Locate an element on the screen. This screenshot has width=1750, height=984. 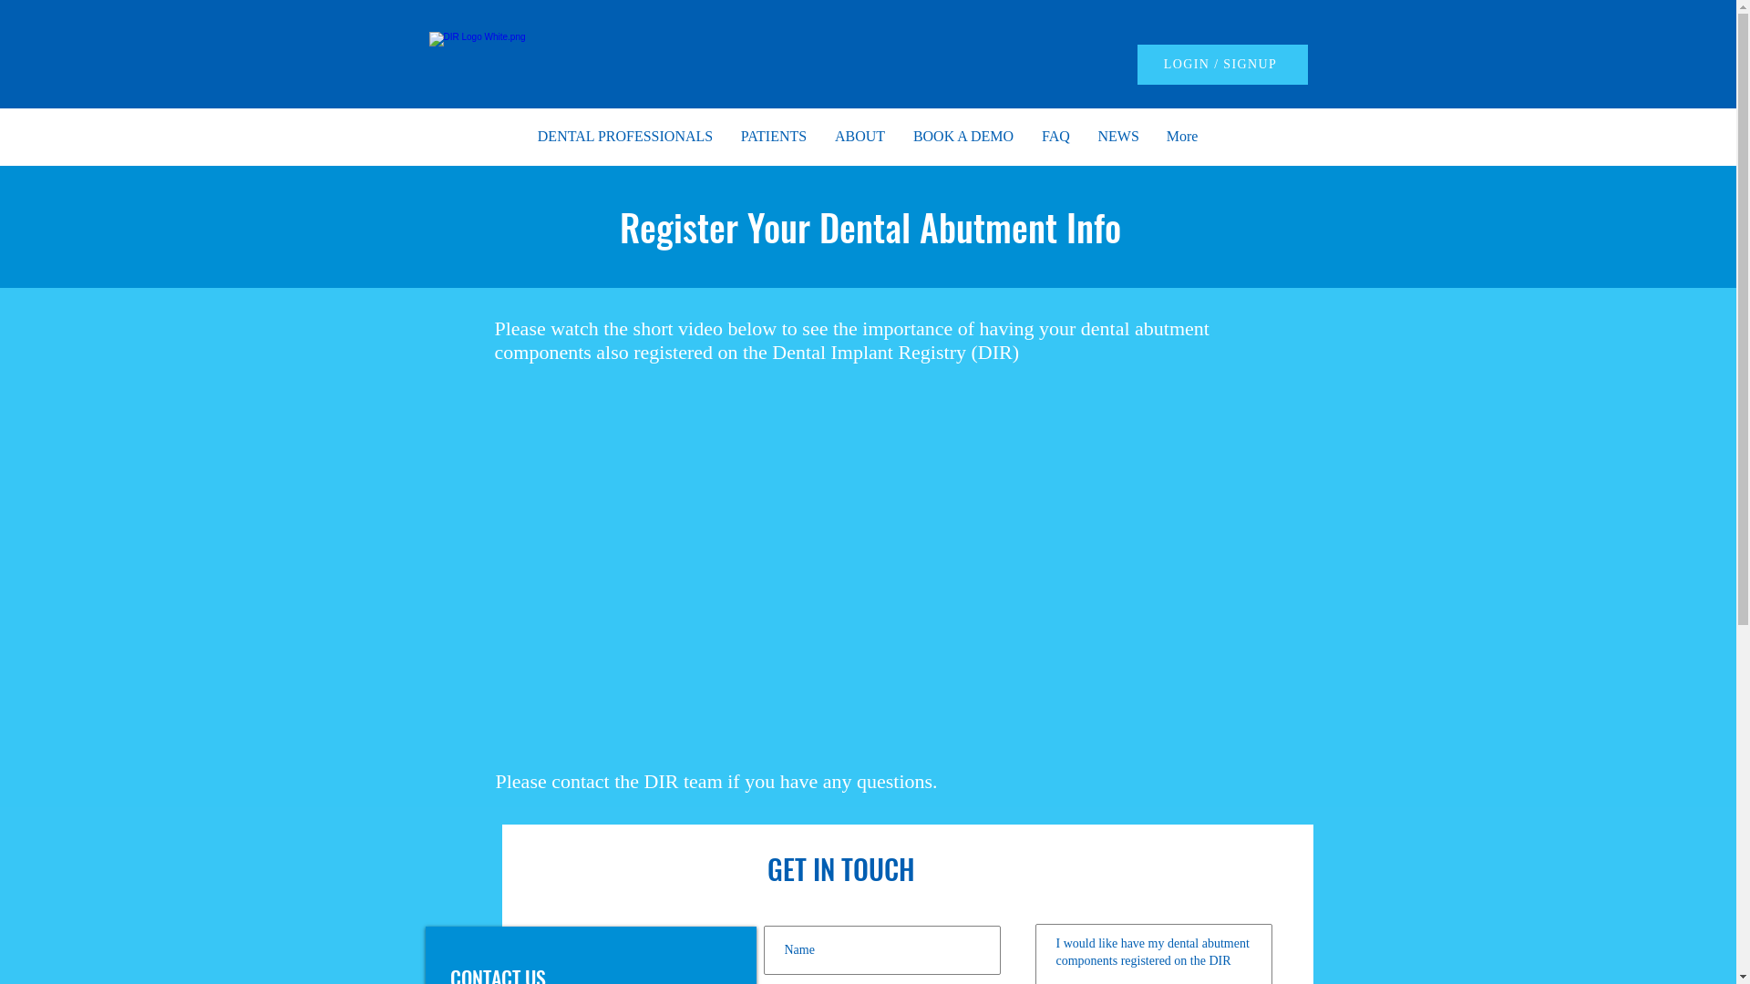
'NEWS' is located at coordinates (1085, 136).